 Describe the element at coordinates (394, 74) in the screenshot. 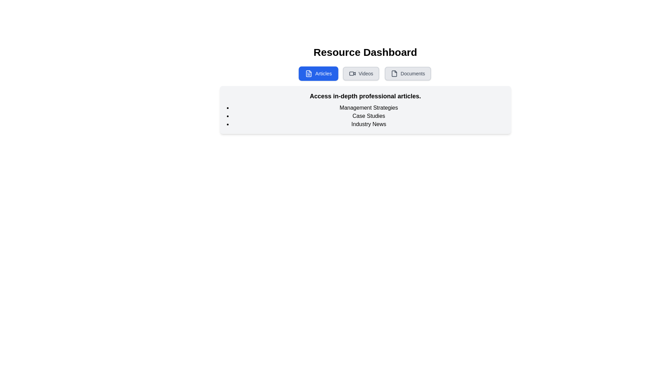

I see `the document icon with a gray outline located in the 'Documents' tab, positioned to the right of the text 'Documents'` at that location.